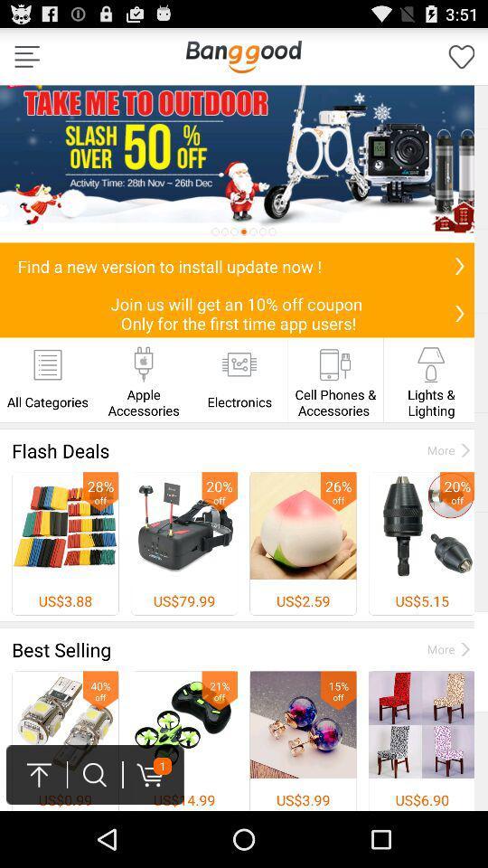 Image resolution: width=488 pixels, height=868 pixels. Describe the element at coordinates (244, 164) in the screenshot. I see `offers page` at that location.